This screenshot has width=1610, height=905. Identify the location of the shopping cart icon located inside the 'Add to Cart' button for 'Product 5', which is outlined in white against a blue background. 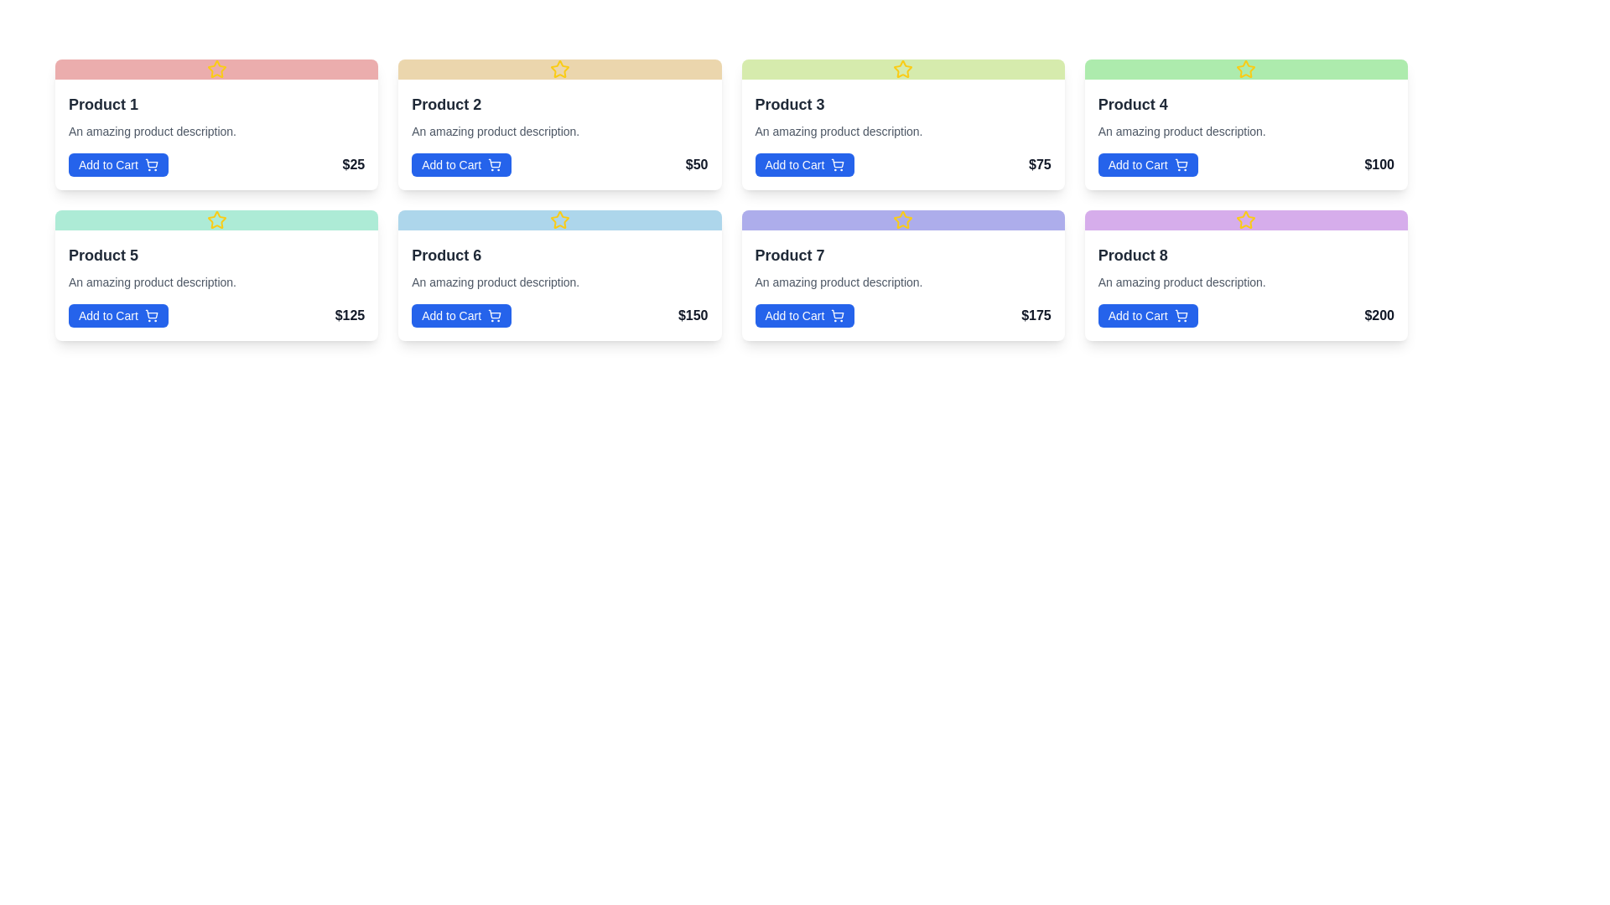
(151, 316).